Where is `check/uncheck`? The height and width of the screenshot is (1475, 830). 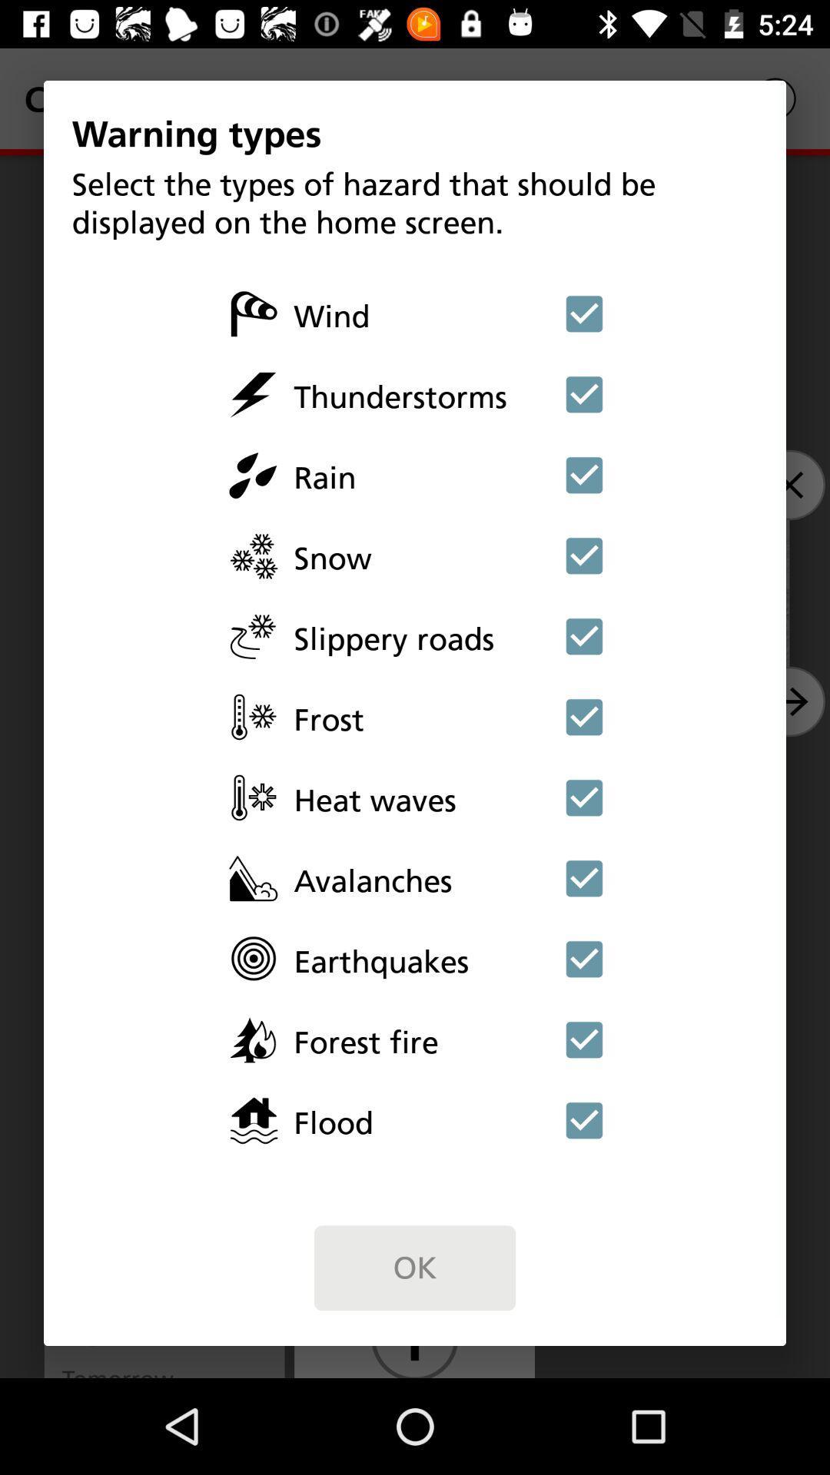
check/uncheck is located at coordinates (584, 555).